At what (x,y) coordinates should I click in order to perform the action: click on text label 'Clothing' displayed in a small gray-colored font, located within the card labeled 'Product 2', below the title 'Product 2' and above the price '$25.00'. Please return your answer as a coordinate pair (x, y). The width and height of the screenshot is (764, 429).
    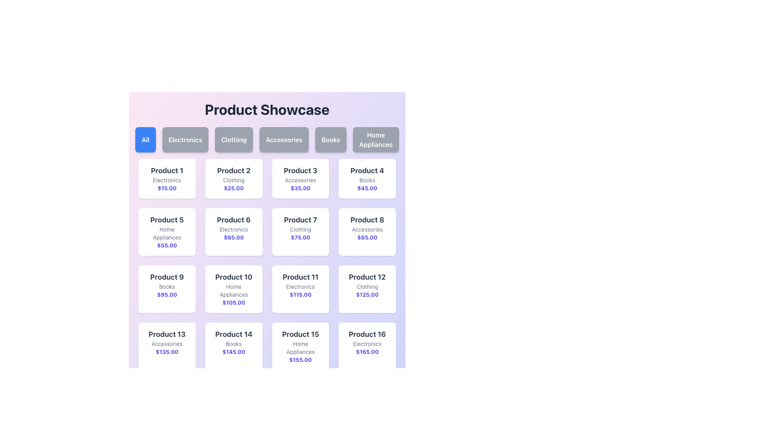
    Looking at the image, I should click on (233, 180).